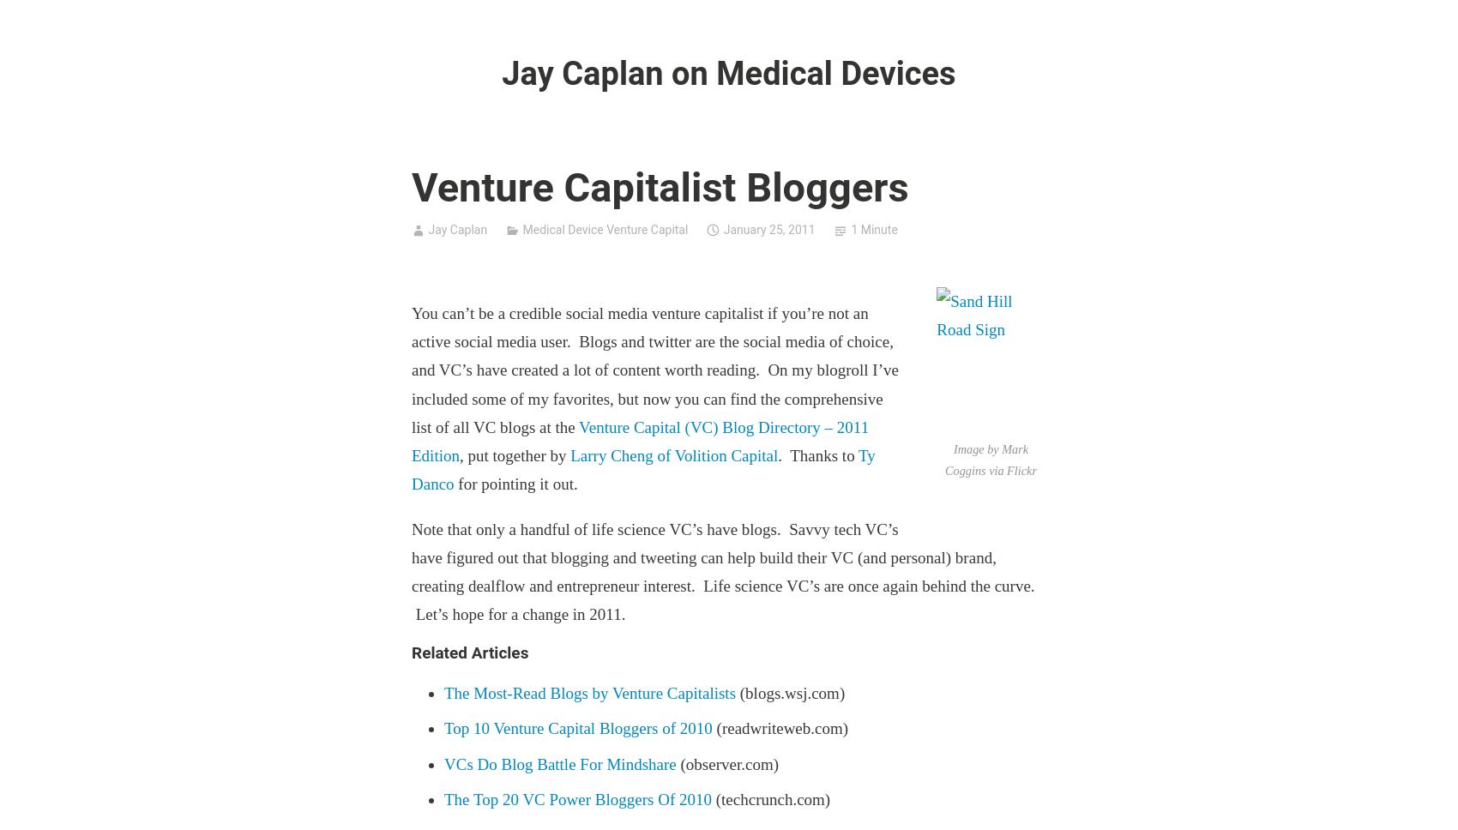 The width and height of the screenshot is (1458, 830). Describe the element at coordinates (727, 72) in the screenshot. I see `'Jay Caplan on Medical Devices'` at that location.